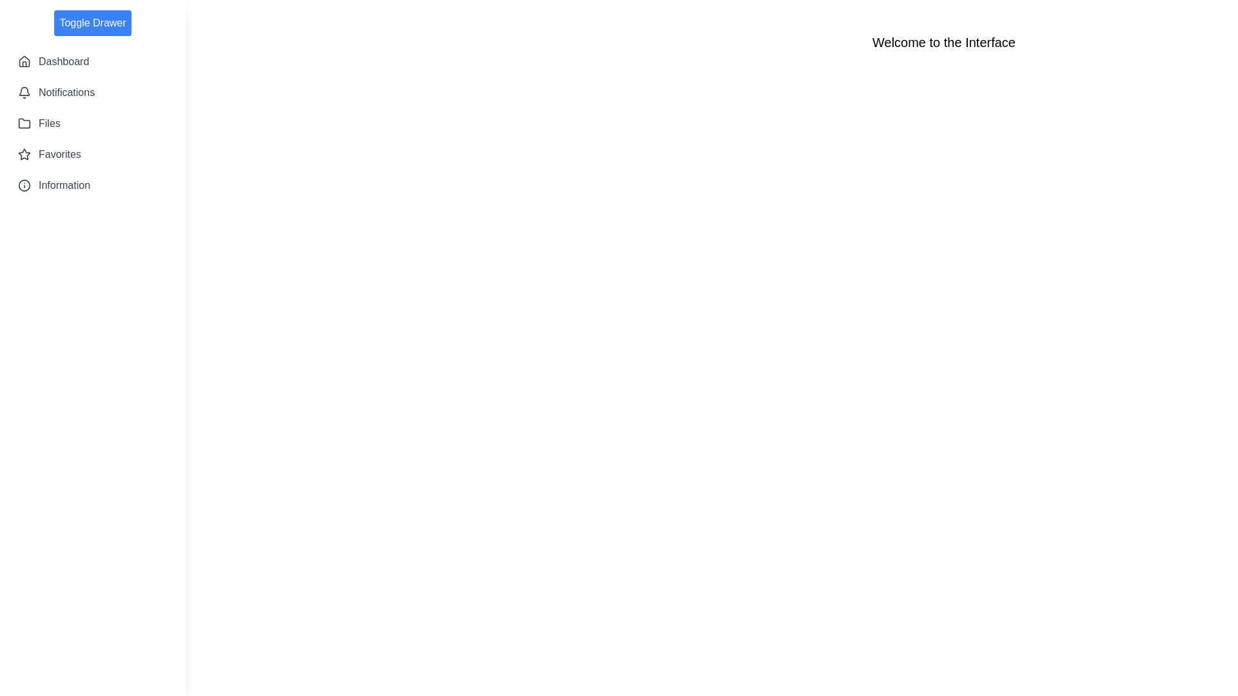 This screenshot has height=696, width=1238. I want to click on the menu option labeled Dashboard from the sidebar, so click(92, 62).